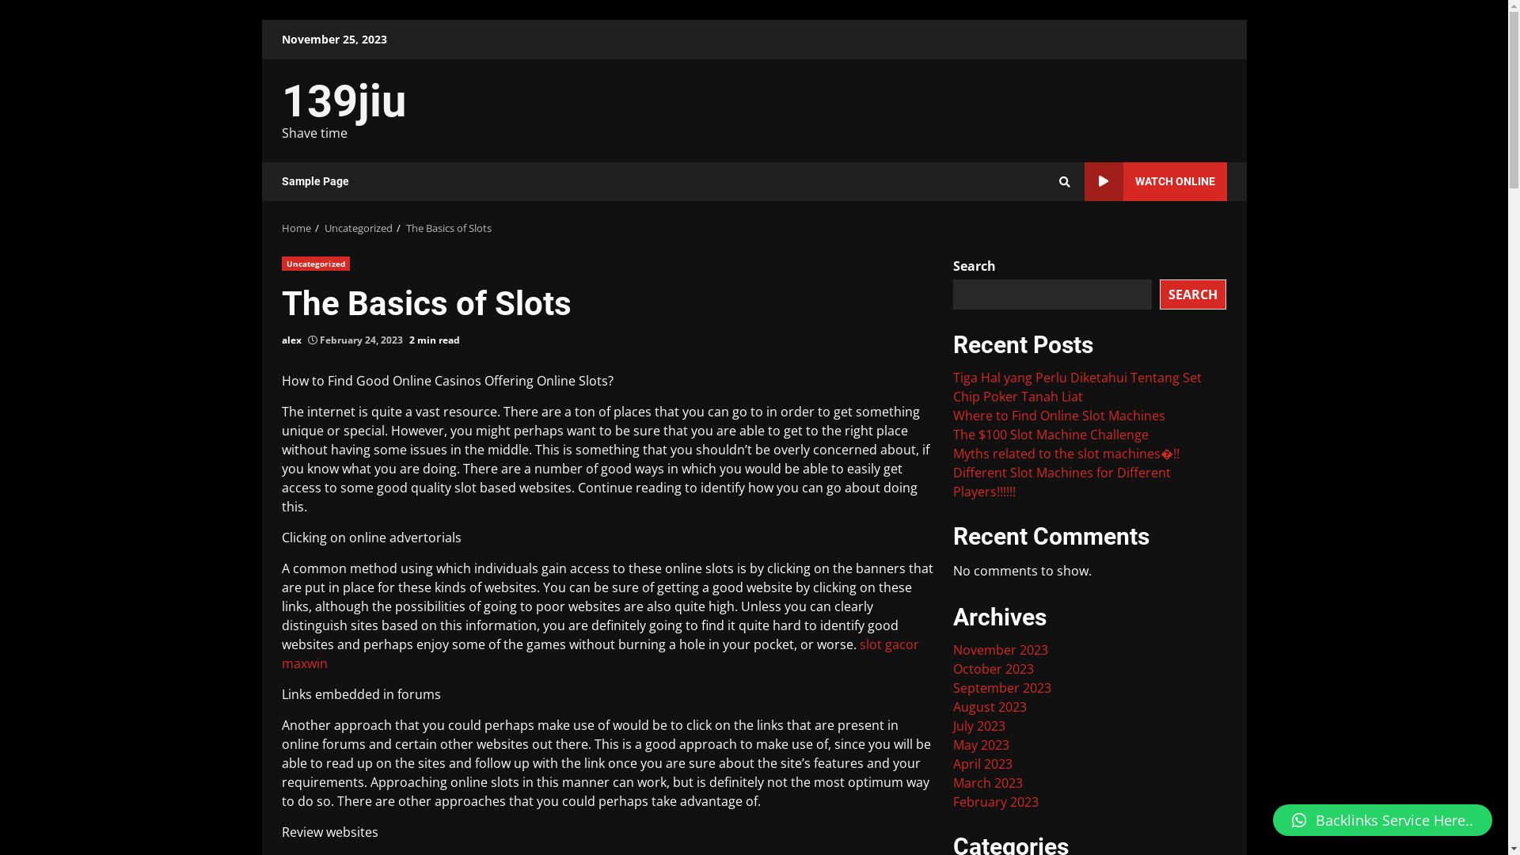 The height and width of the screenshot is (855, 1520). What do you see at coordinates (1381, 819) in the screenshot?
I see `'Backlinks Service Here..'` at bounding box center [1381, 819].